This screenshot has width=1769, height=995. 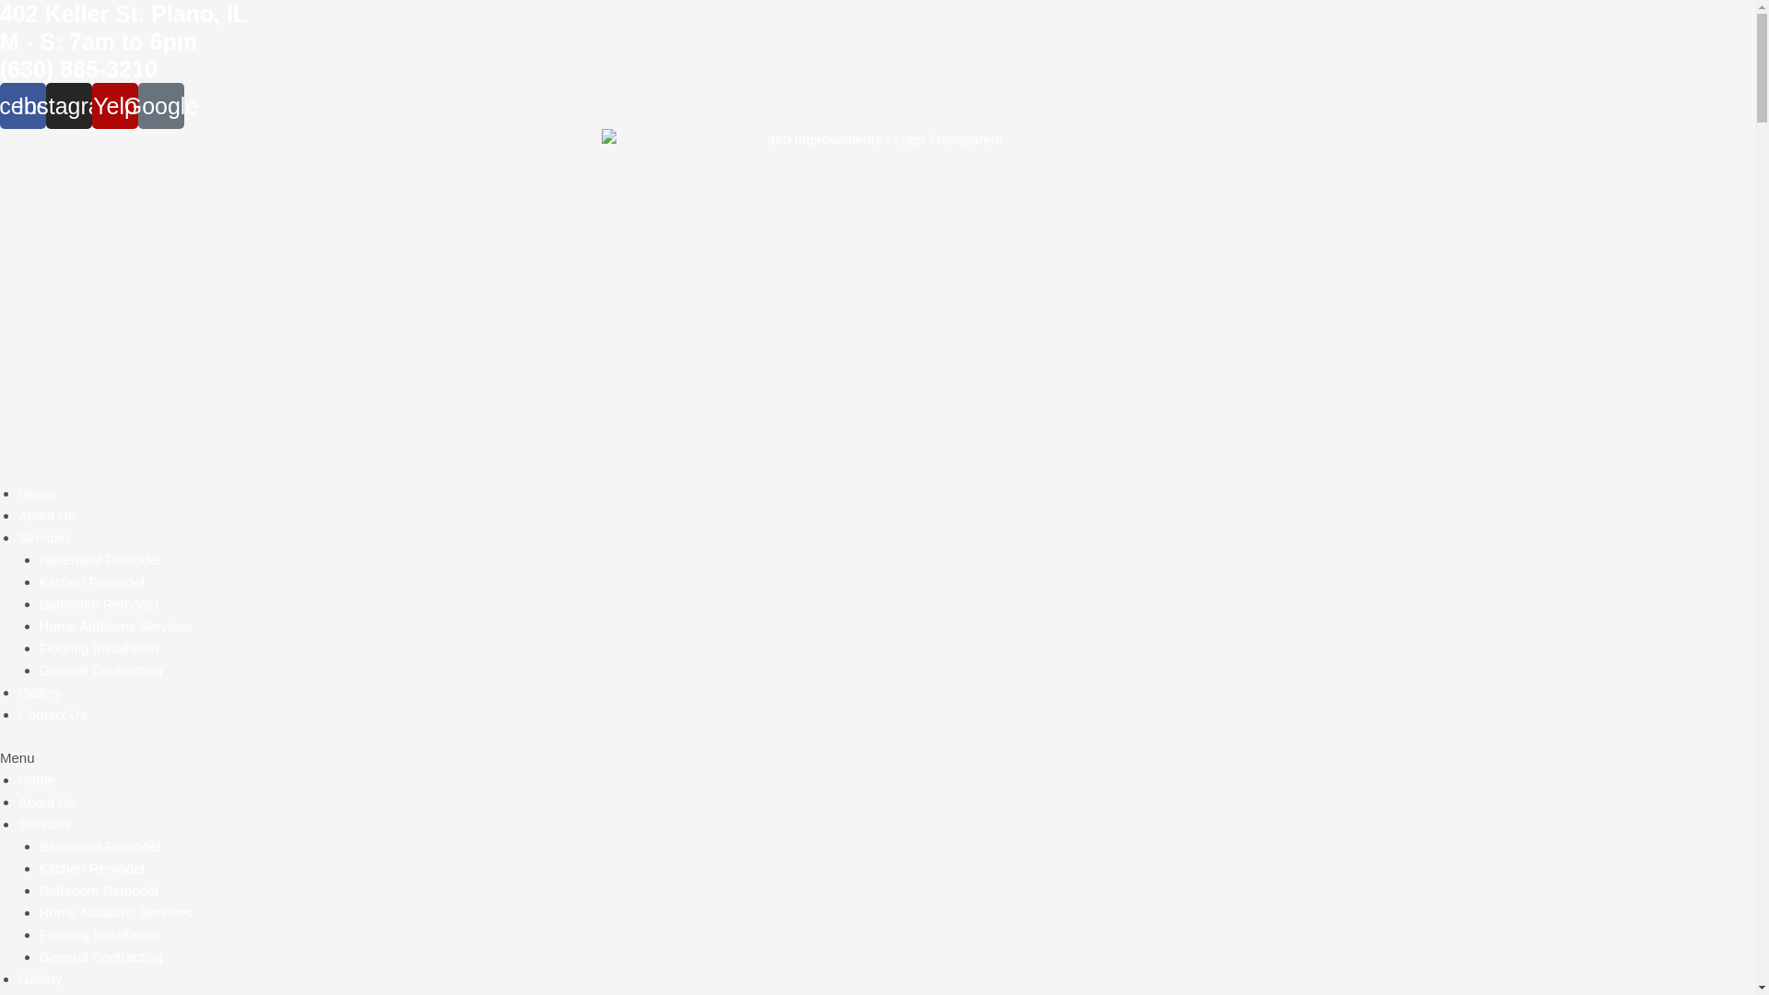 What do you see at coordinates (77, 67) in the screenshot?
I see `'(630) 885-3210'` at bounding box center [77, 67].